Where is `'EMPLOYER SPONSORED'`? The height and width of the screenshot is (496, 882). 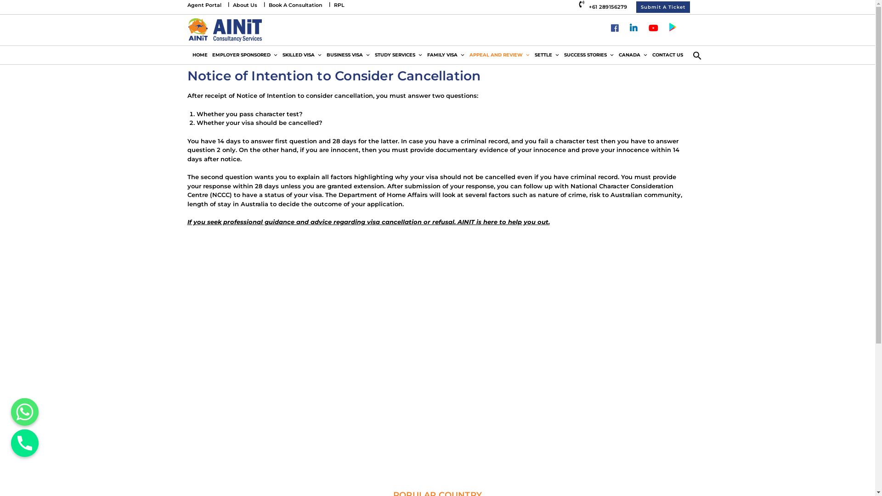
'EMPLOYER SPONSORED' is located at coordinates (244, 55).